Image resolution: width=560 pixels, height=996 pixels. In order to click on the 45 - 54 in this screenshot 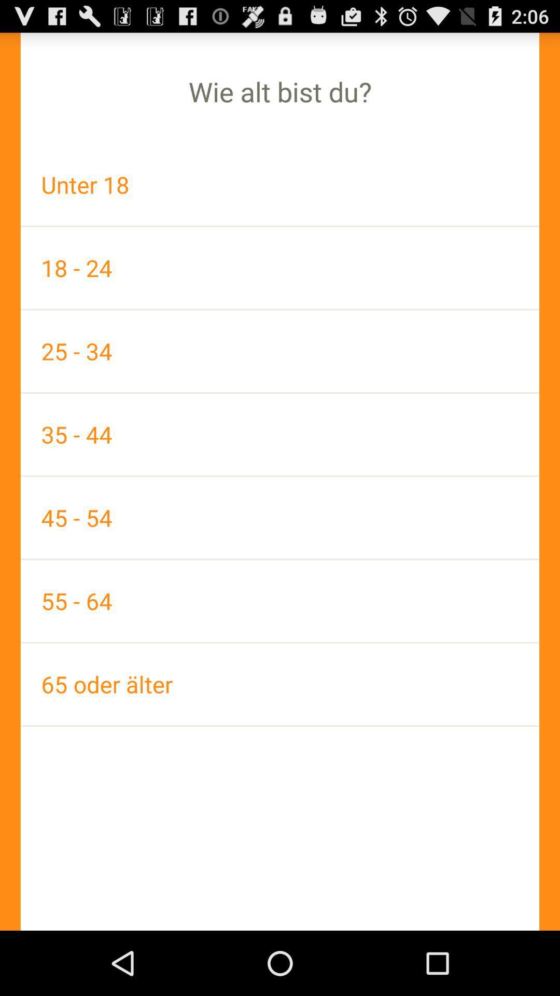, I will do `click(280, 518)`.